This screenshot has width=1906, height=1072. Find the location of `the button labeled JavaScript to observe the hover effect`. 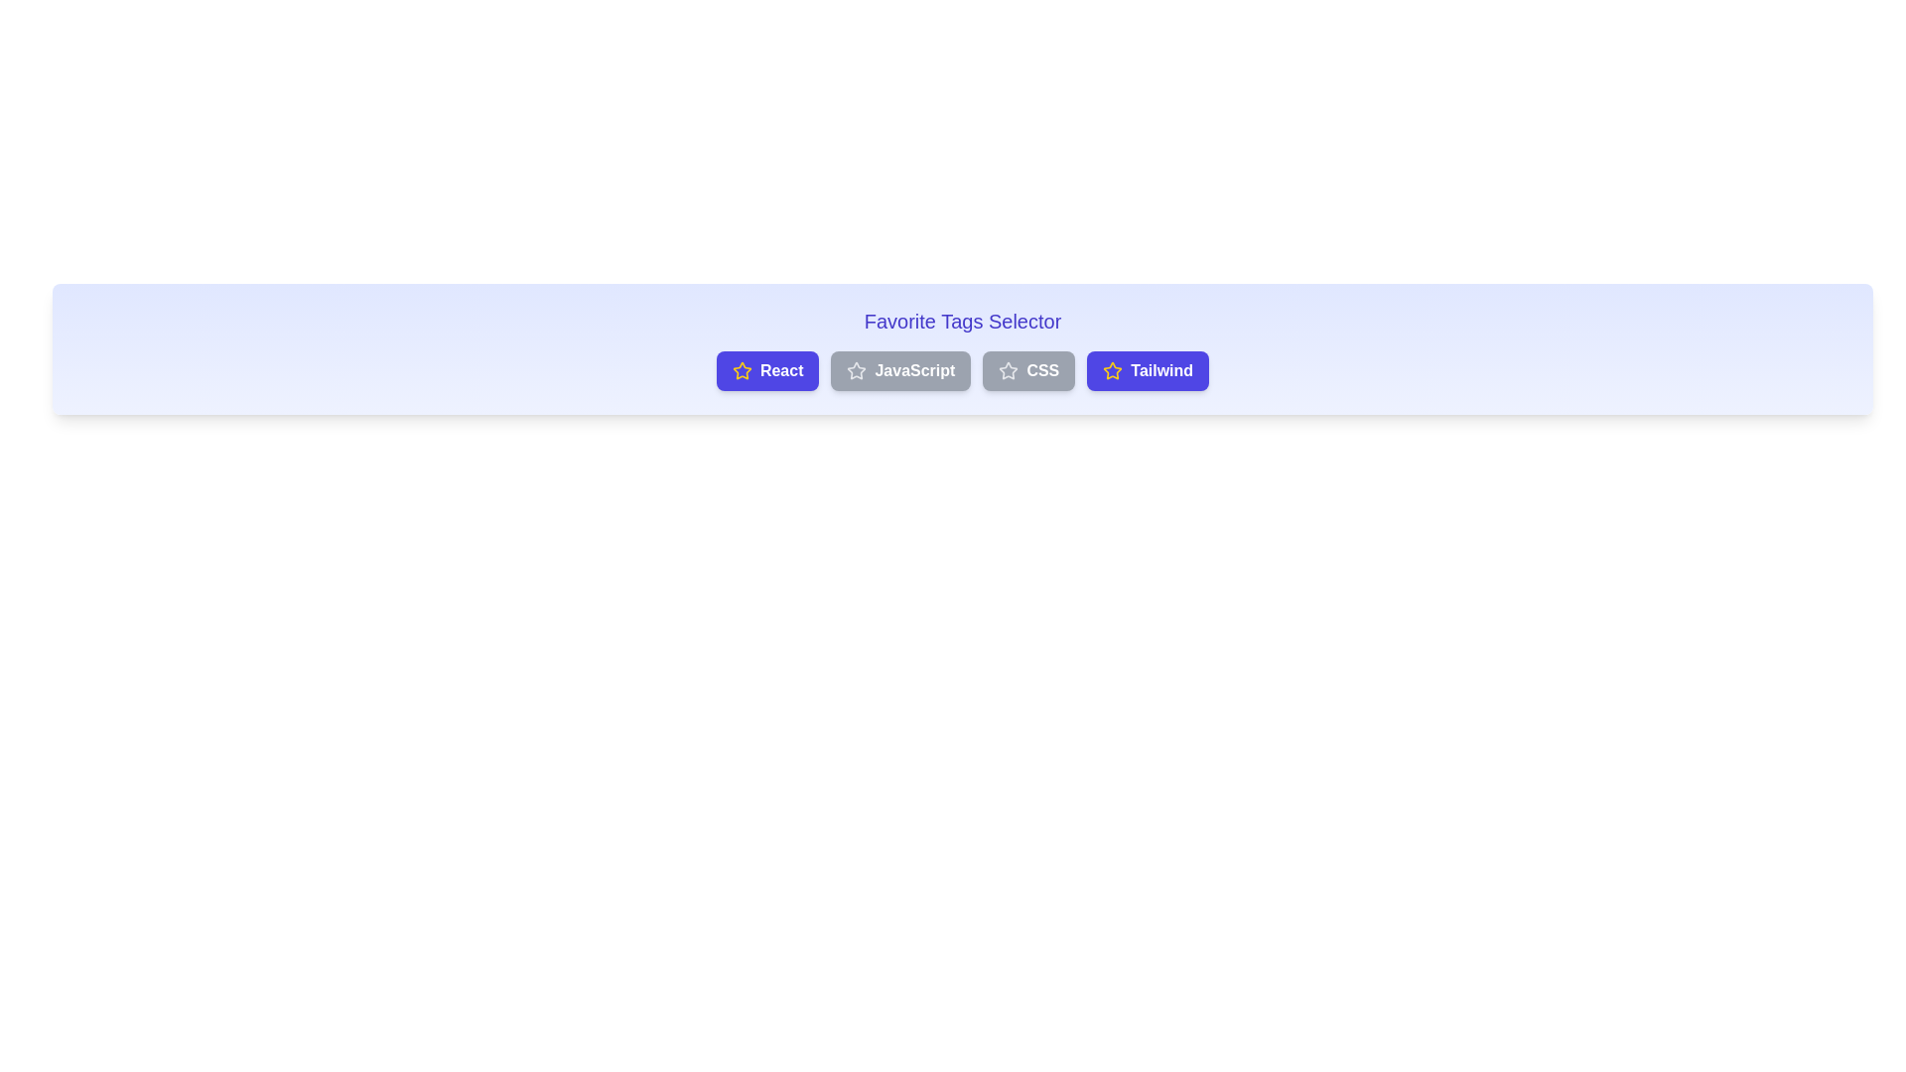

the button labeled JavaScript to observe the hover effect is located at coordinates (899, 371).